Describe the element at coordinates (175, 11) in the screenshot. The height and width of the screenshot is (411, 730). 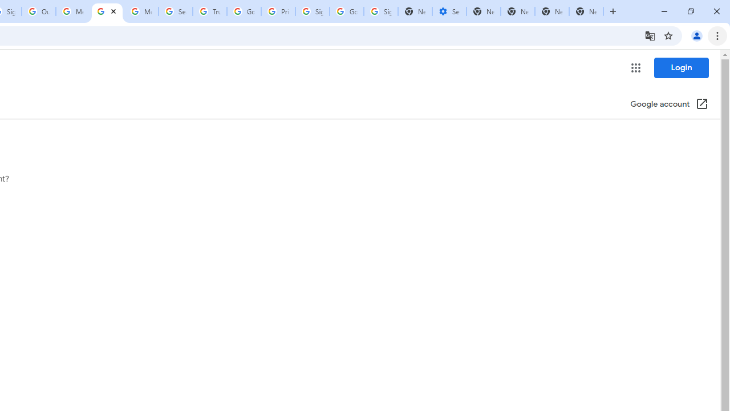
I see `'Search our Doodle Library Collection - Google Doodles'` at that location.